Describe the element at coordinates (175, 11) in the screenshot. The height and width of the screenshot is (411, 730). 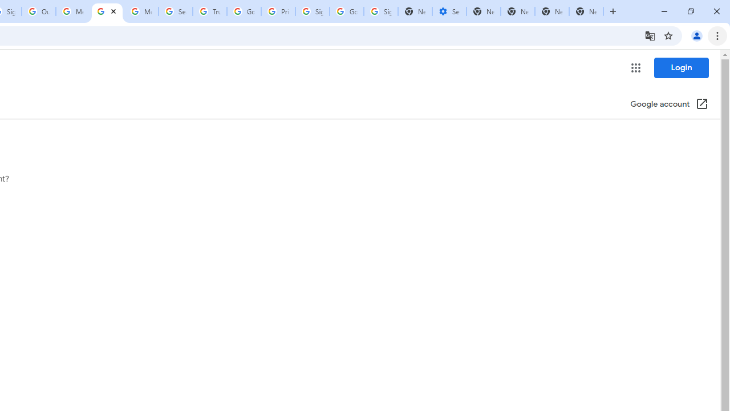
I see `'Search our Doodle Library Collection - Google Doodles'` at that location.